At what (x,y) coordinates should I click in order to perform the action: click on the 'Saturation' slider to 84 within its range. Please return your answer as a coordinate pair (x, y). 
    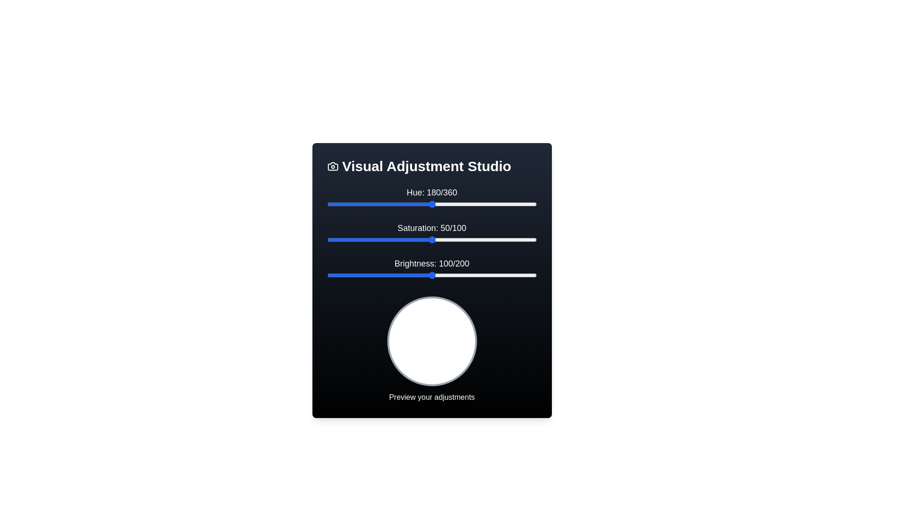
    Looking at the image, I should click on (502, 239).